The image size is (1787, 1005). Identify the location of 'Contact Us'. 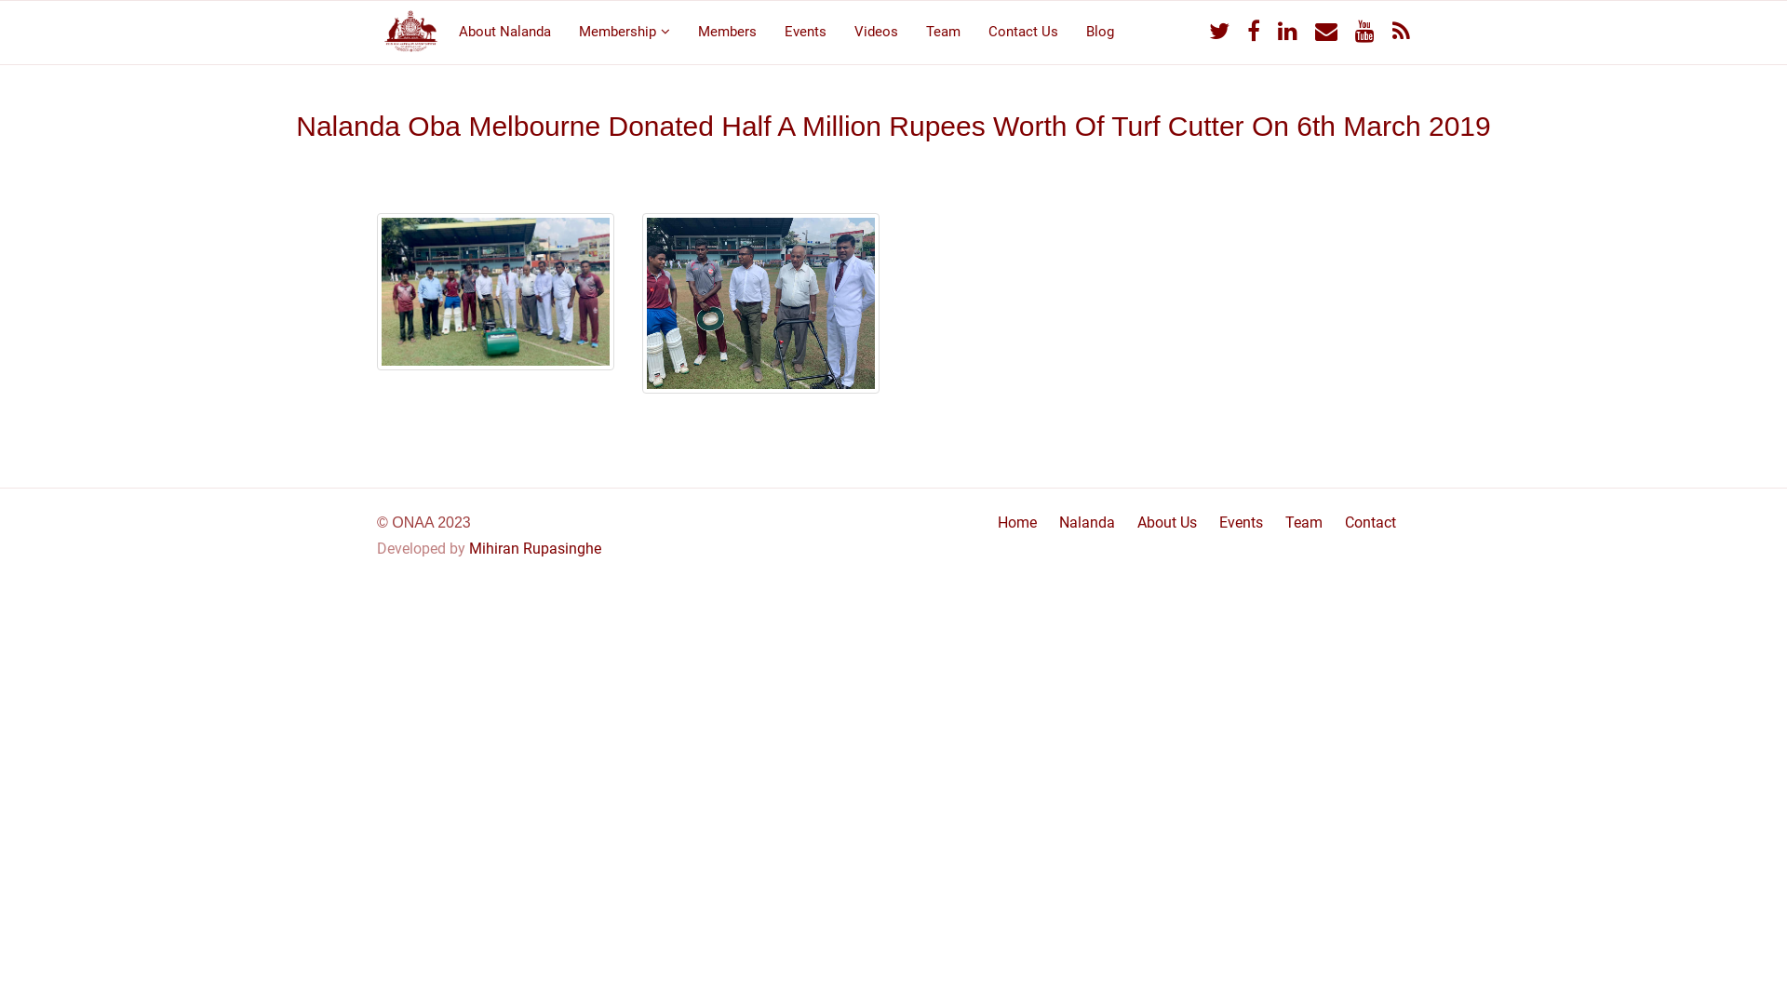
(973, 30).